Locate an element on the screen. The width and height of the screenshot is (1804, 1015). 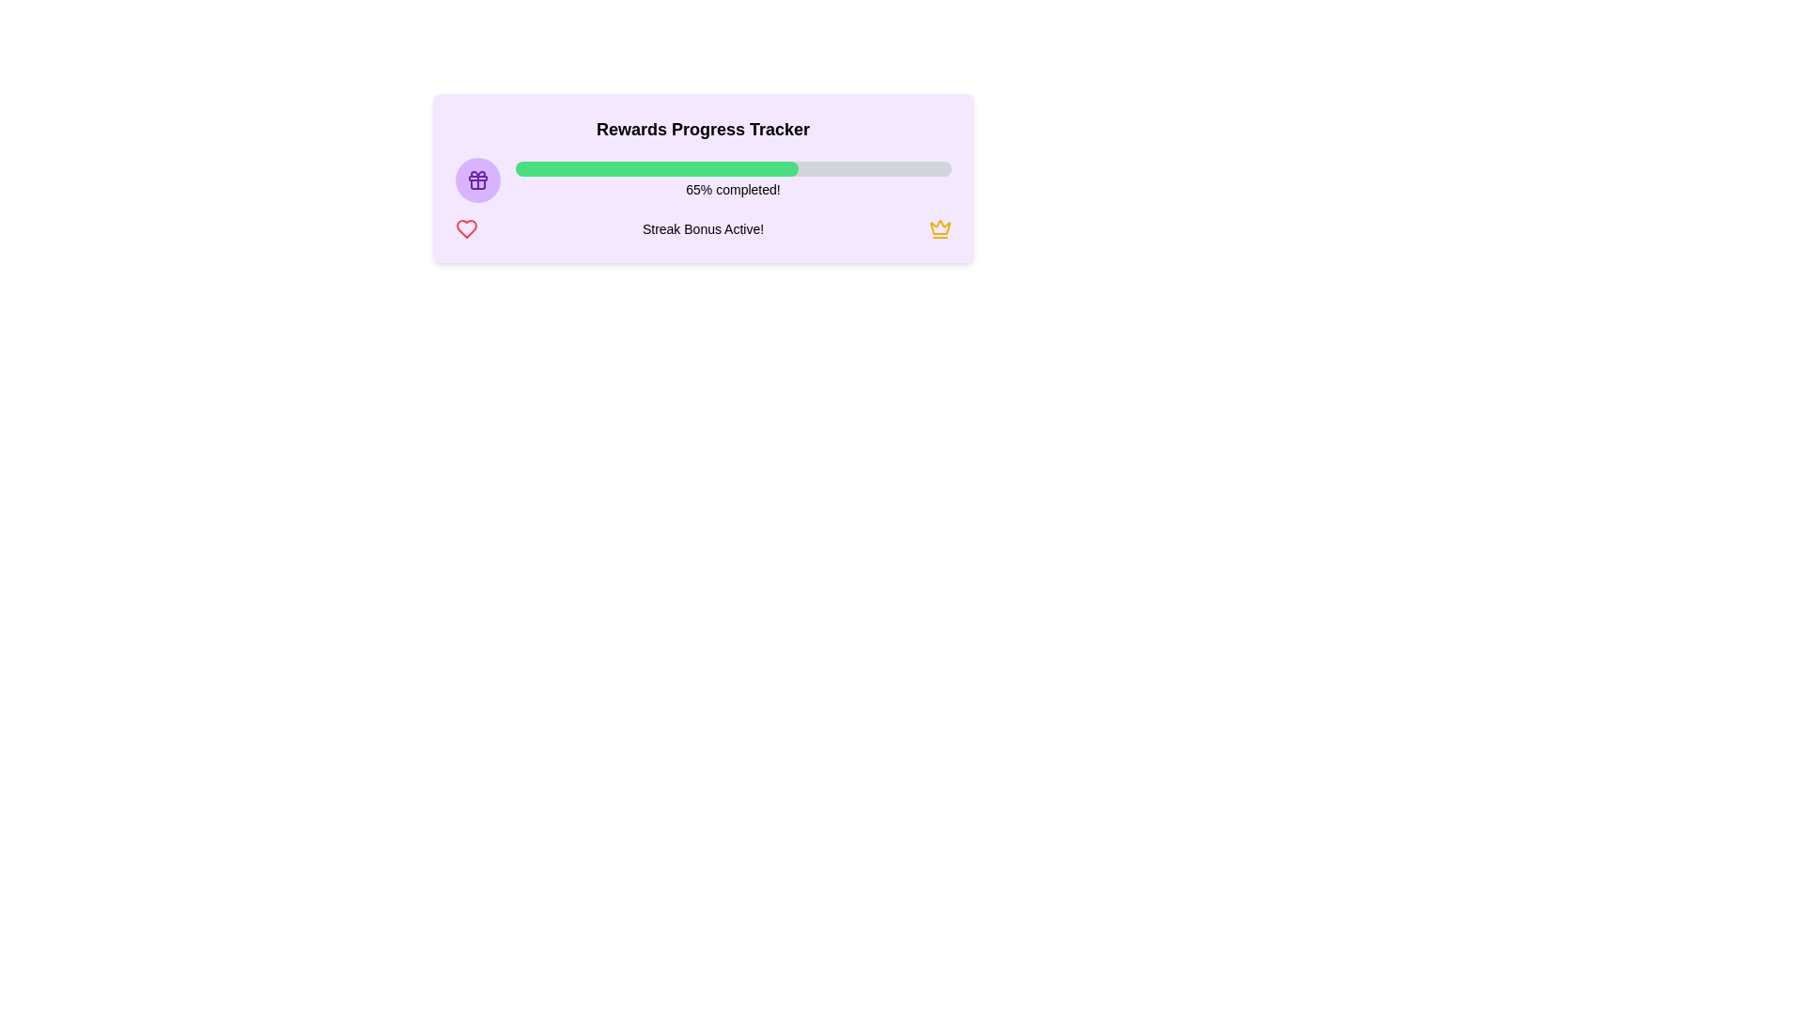
the progress bar that shows '65% completed!' with a green filled portion and is centrally aligned under the 'Rewards Progress Tracker' title is located at coordinates (732, 180).